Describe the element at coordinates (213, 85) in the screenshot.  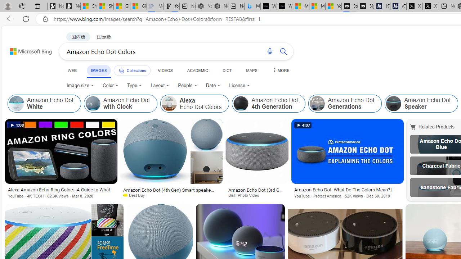
I see `'Date'` at that location.